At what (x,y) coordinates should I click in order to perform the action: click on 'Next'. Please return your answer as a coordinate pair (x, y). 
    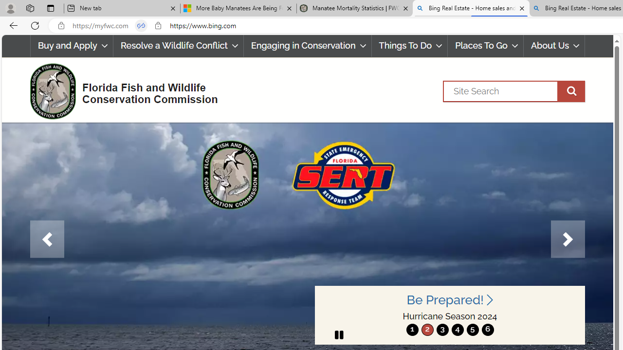
    Looking at the image, I should click on (568, 239).